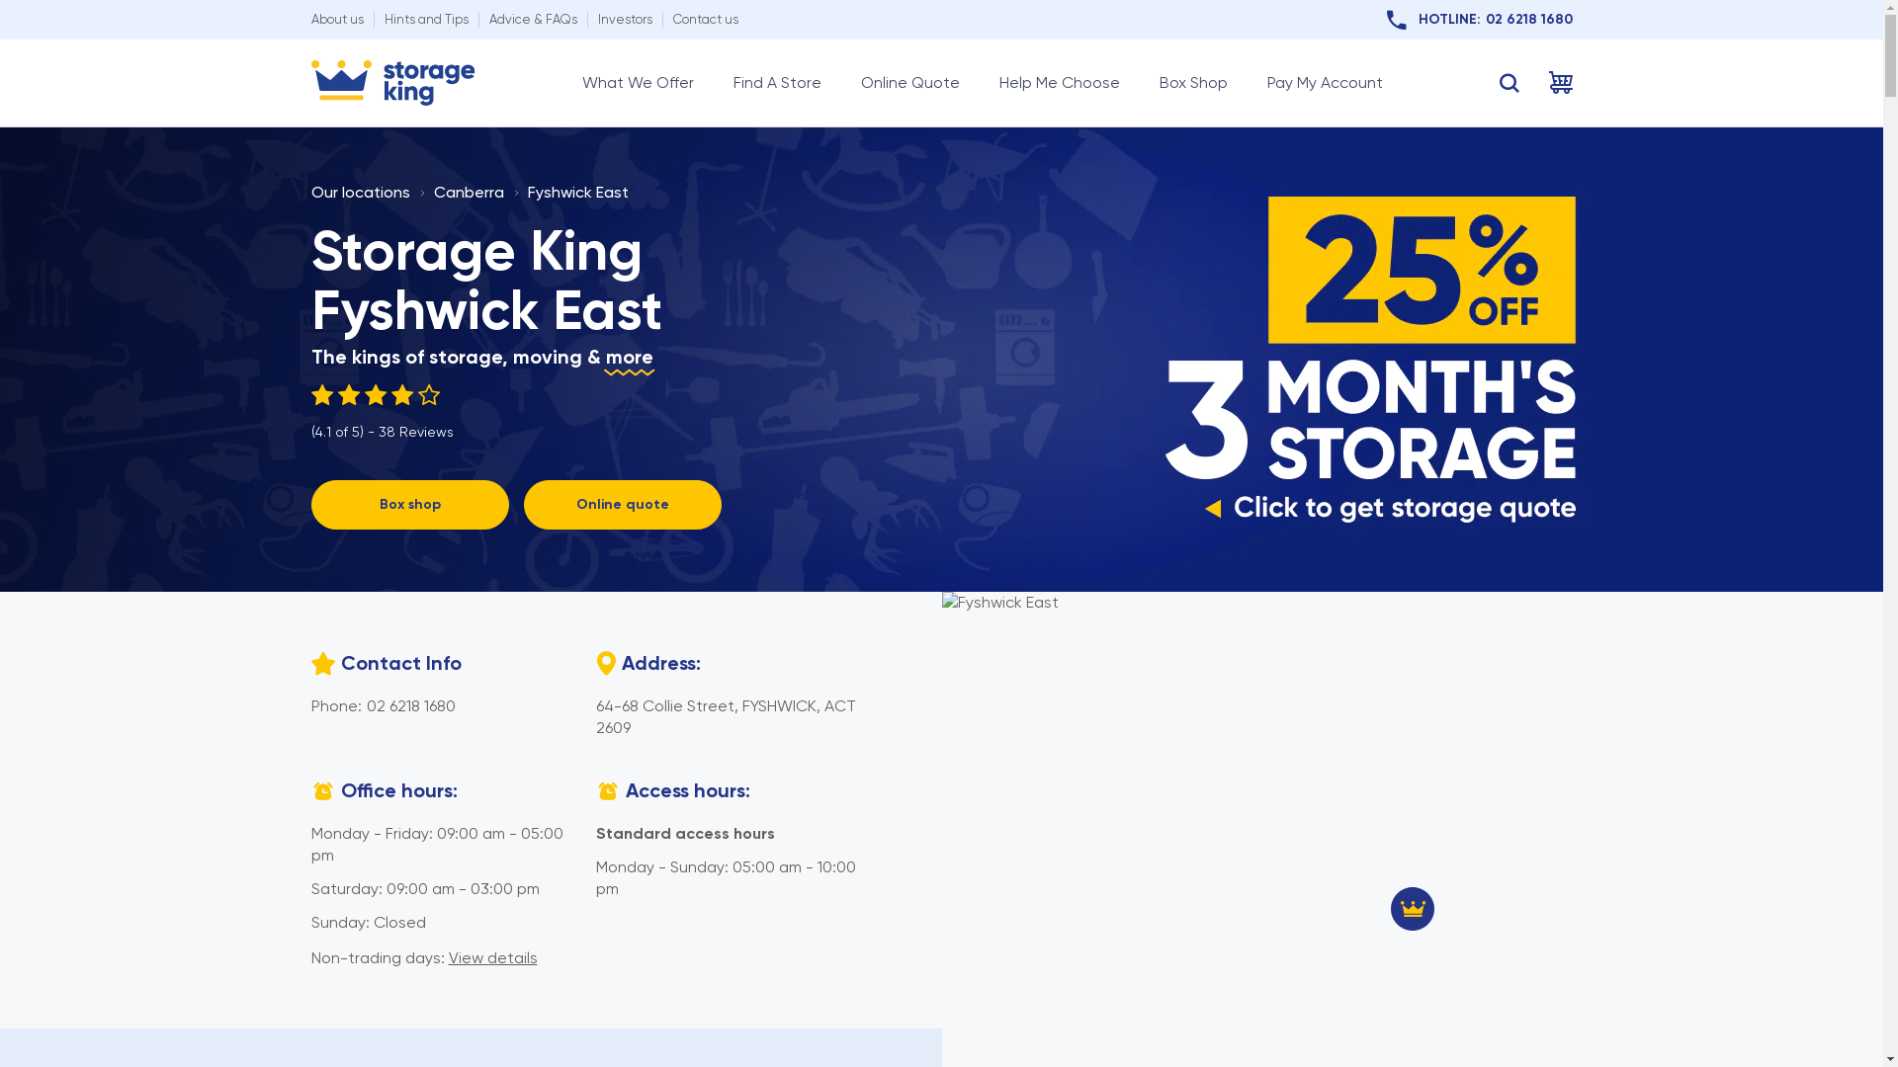 This screenshot has height=1067, width=1898. I want to click on 'Hints and Tips', so click(424, 19).